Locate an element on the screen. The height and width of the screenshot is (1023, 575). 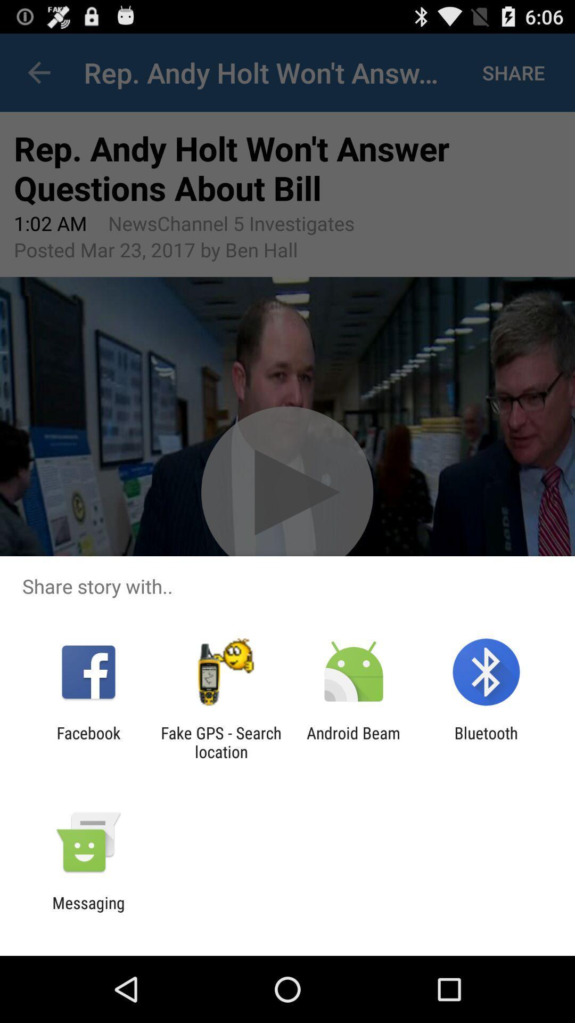
the icon to the right of the fake gps search is located at coordinates (354, 742).